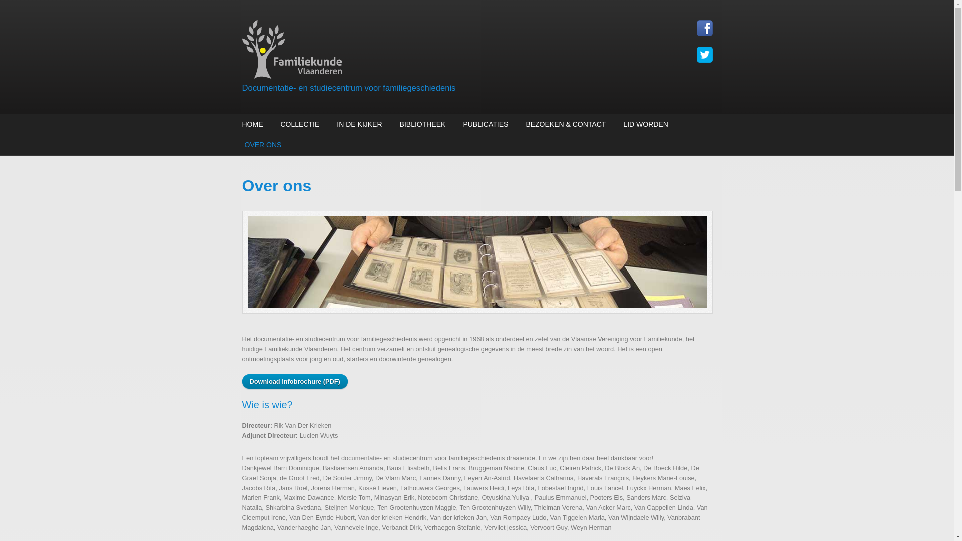 The width and height of the screenshot is (962, 541). I want to click on 'LID WORDEN', so click(620, 124).